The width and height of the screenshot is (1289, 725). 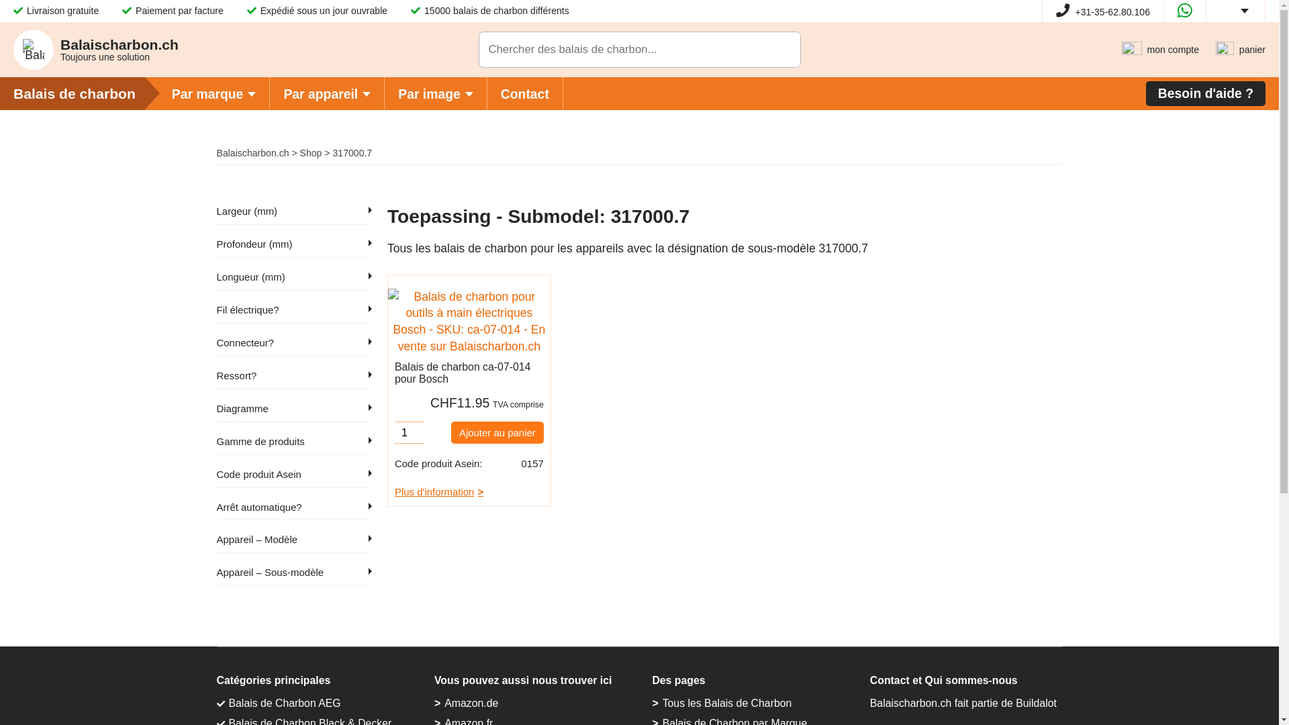 I want to click on 'Balaischarbon.ch', so click(x=252, y=152).